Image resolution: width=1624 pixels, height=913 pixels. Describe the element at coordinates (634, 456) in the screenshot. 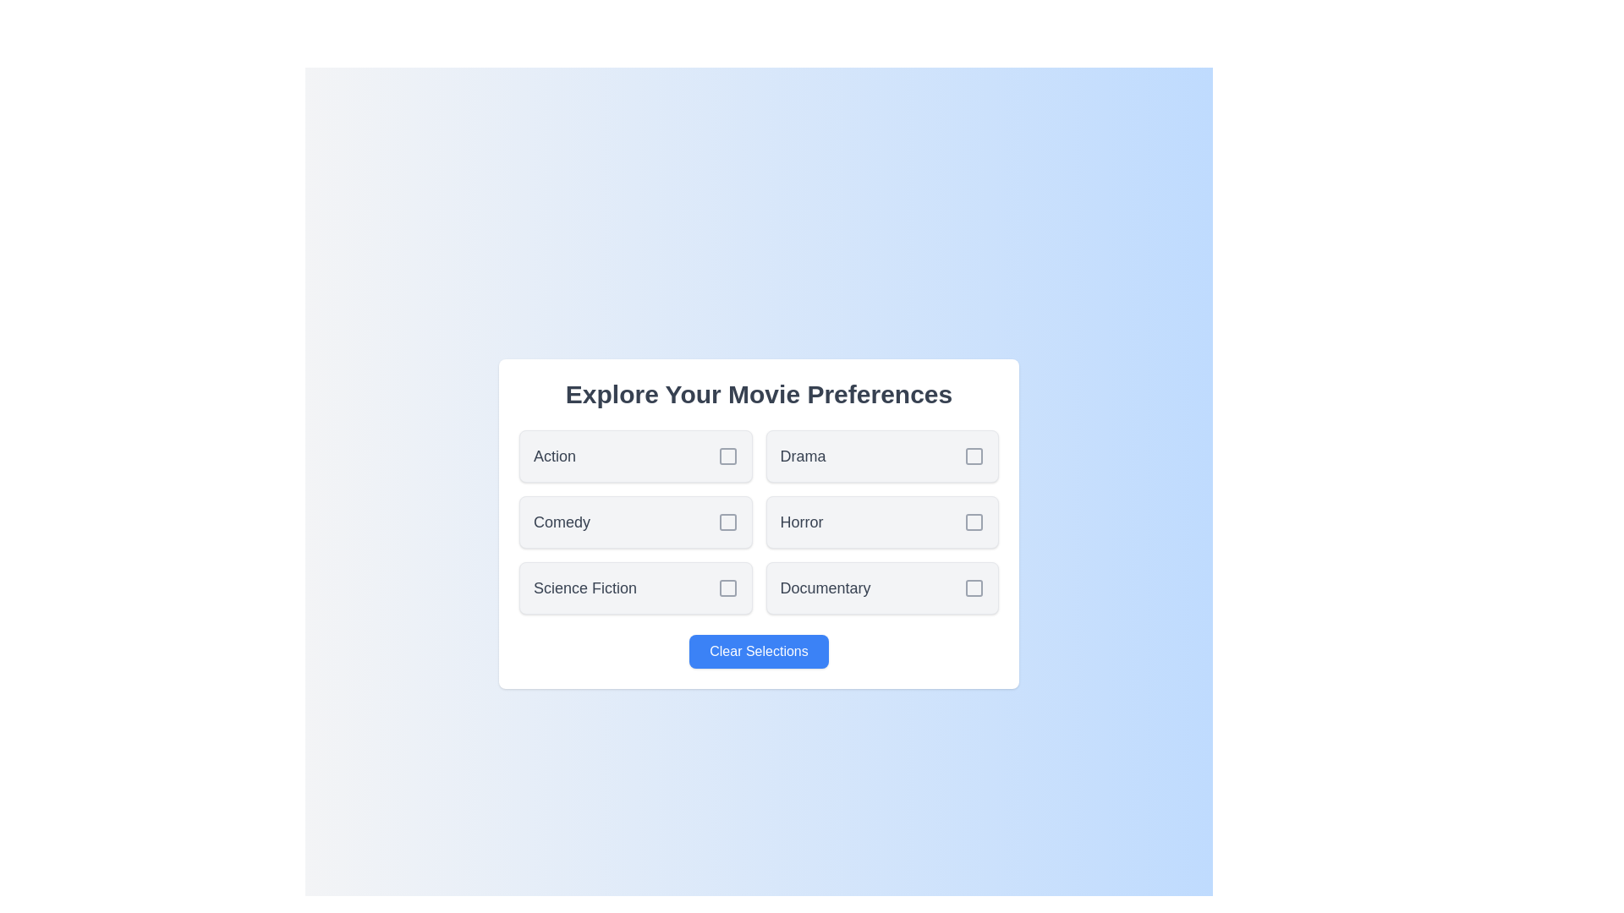

I see `the genre Action` at that location.